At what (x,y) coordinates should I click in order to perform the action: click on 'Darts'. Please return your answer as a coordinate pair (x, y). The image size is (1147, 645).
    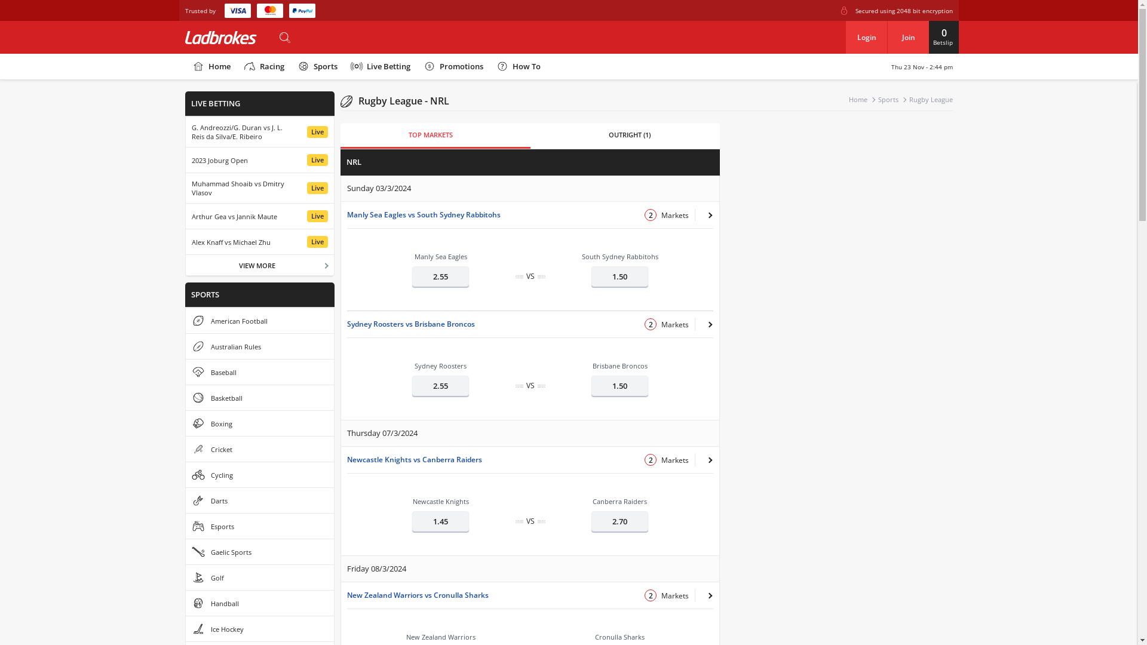
    Looking at the image, I should click on (185, 500).